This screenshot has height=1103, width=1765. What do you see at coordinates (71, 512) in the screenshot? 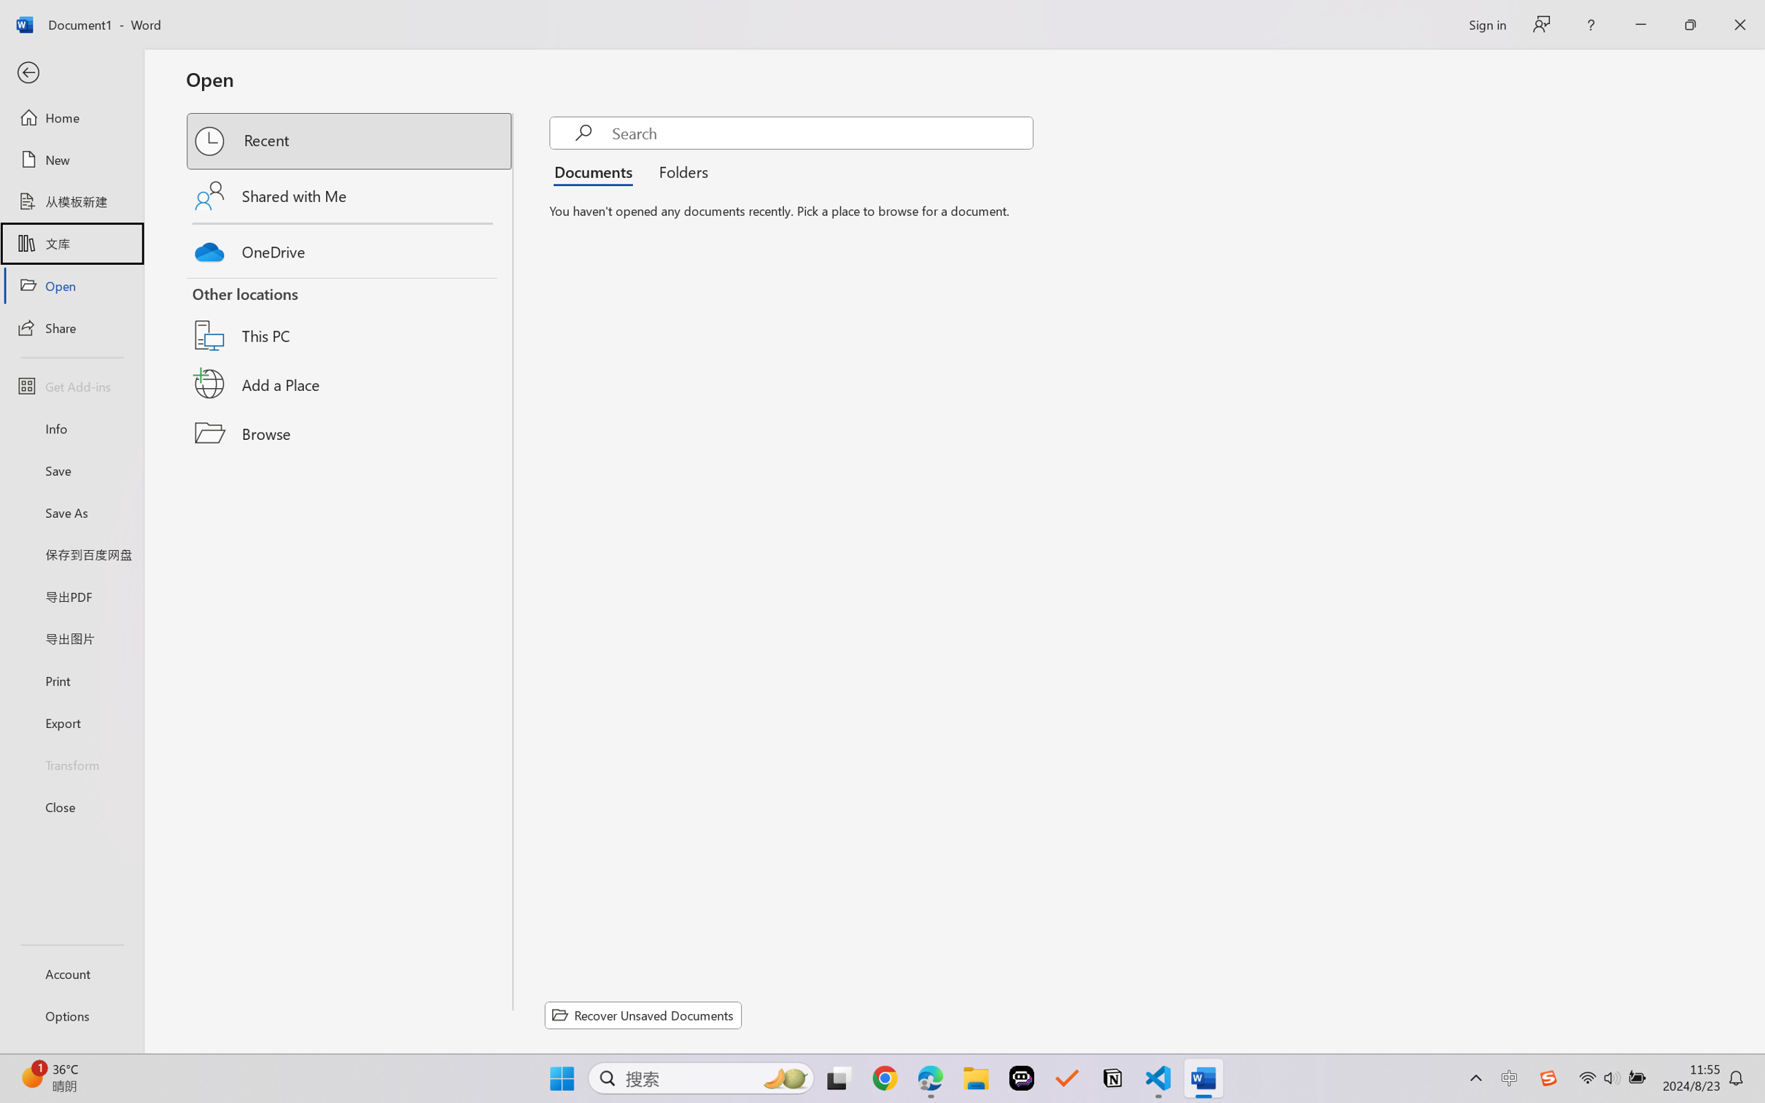
I see `'Save As'` at bounding box center [71, 512].